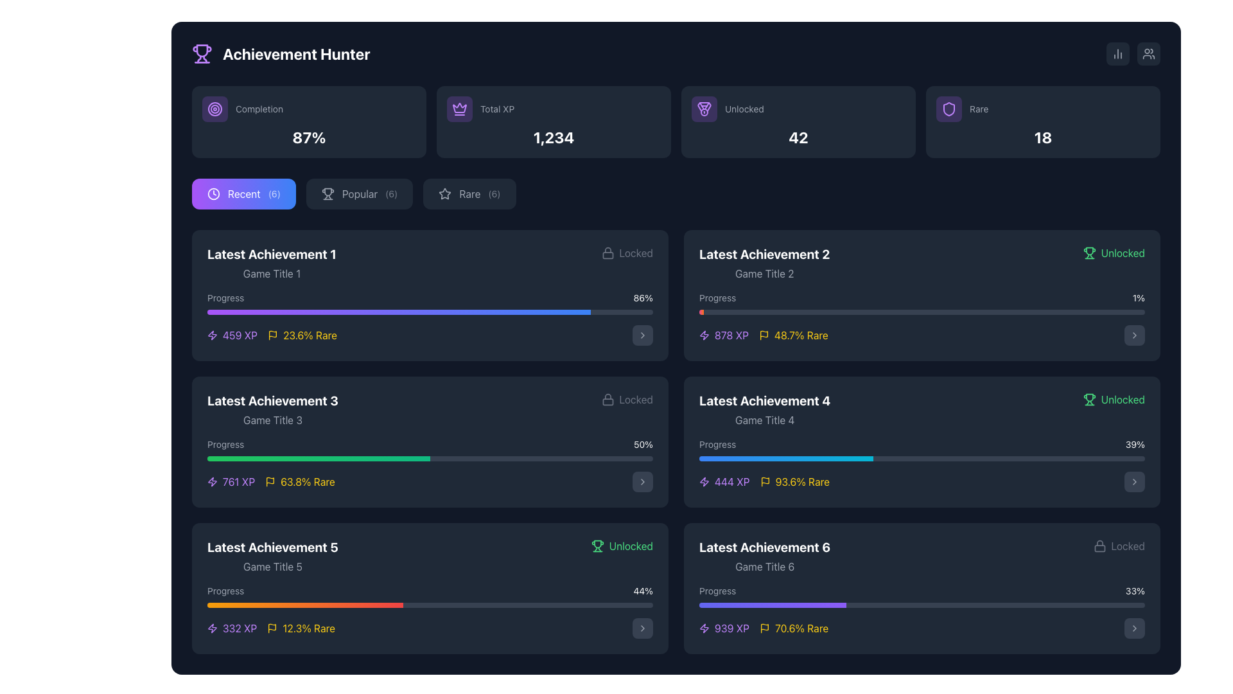 This screenshot has width=1233, height=694. What do you see at coordinates (643, 628) in the screenshot?
I see `the button containing the right-facing chevron icon` at bounding box center [643, 628].